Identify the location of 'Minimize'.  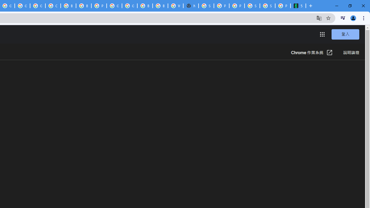
(337, 6).